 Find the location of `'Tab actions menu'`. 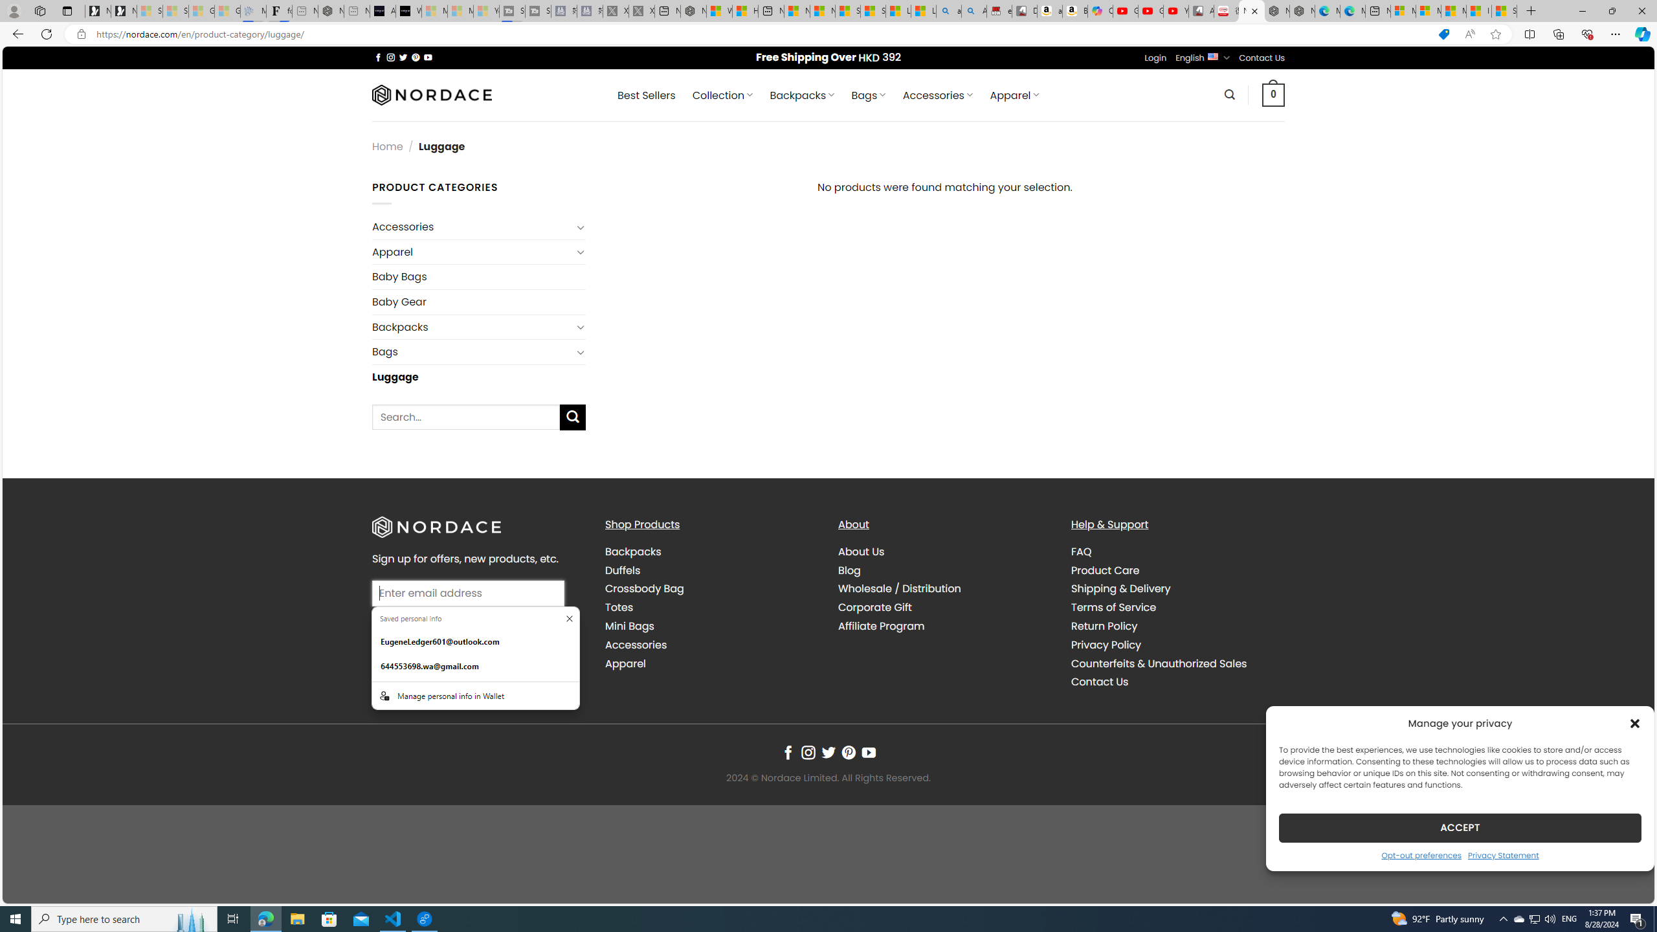

'Tab actions menu' is located at coordinates (66, 10).